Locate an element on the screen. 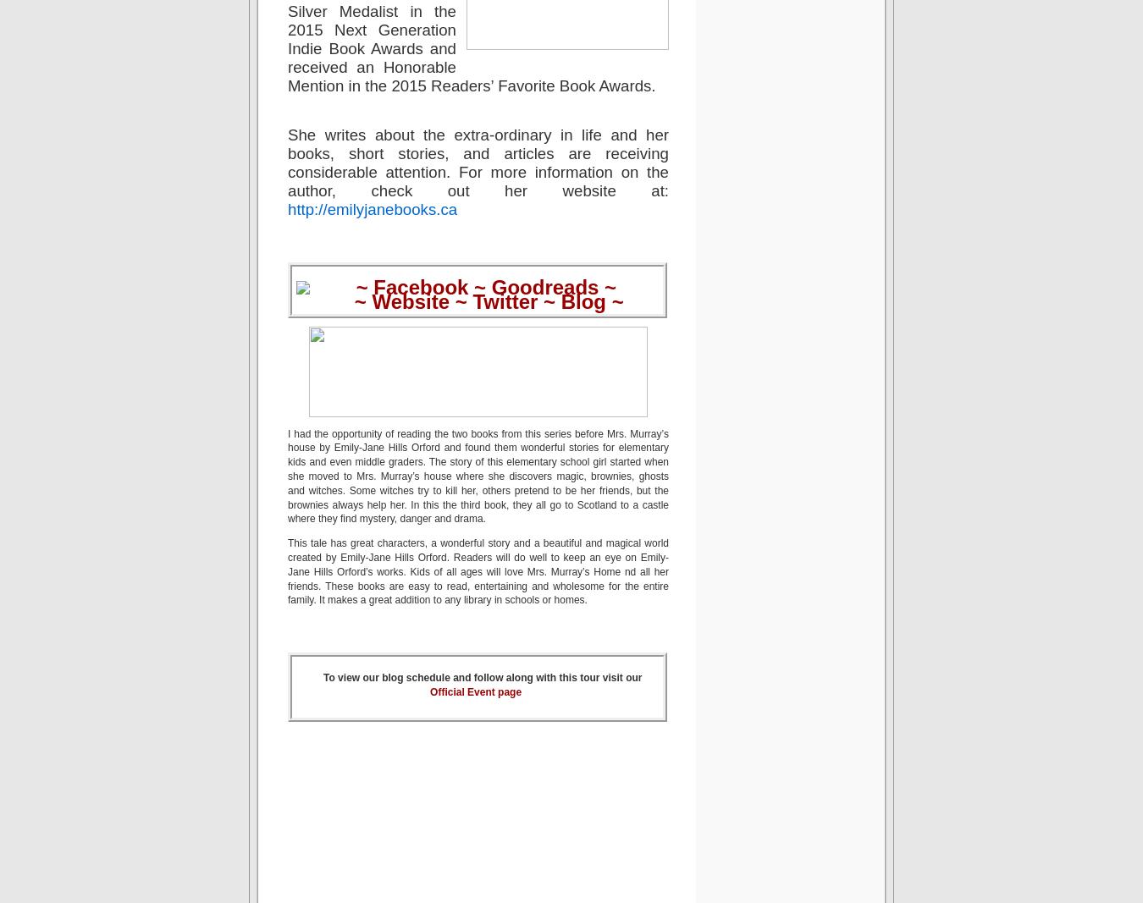 The image size is (1143, 903). 'Blog' is located at coordinates (583, 300).